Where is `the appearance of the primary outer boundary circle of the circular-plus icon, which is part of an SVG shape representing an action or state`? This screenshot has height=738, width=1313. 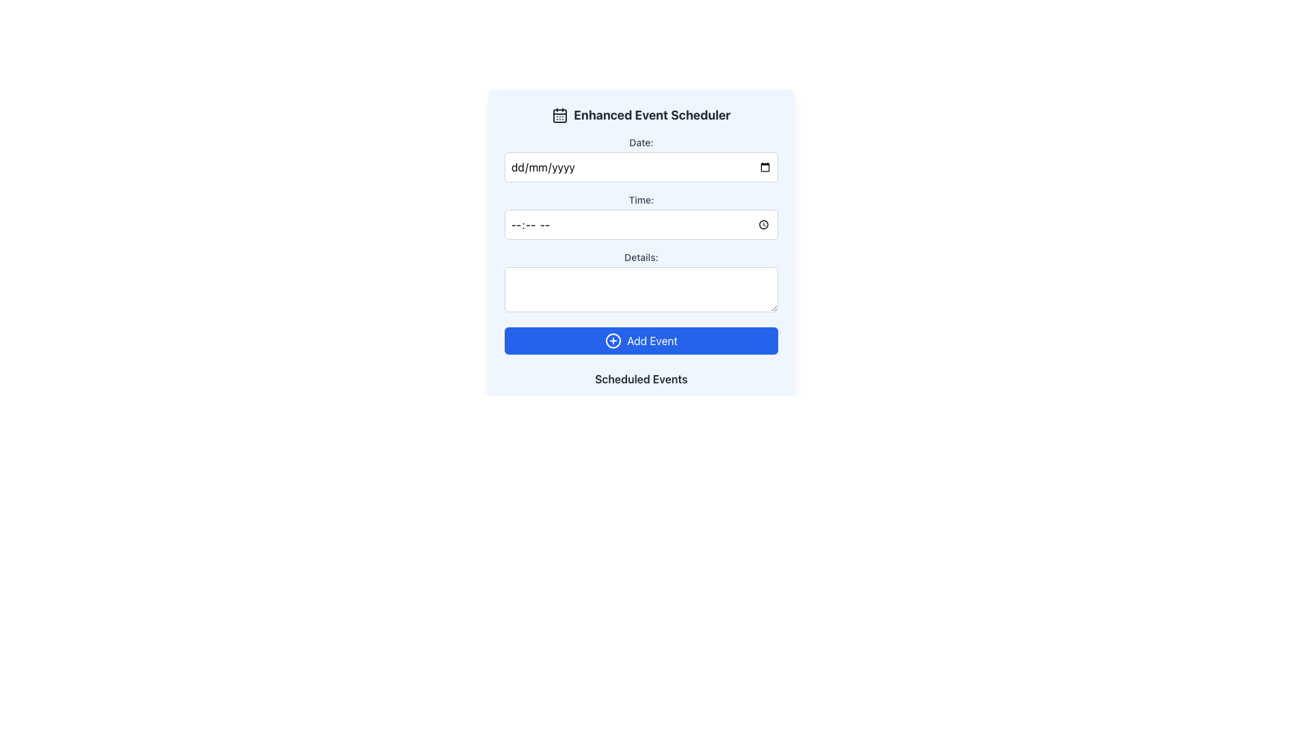 the appearance of the primary outer boundary circle of the circular-plus icon, which is part of an SVG shape representing an action or state is located at coordinates (613, 340).